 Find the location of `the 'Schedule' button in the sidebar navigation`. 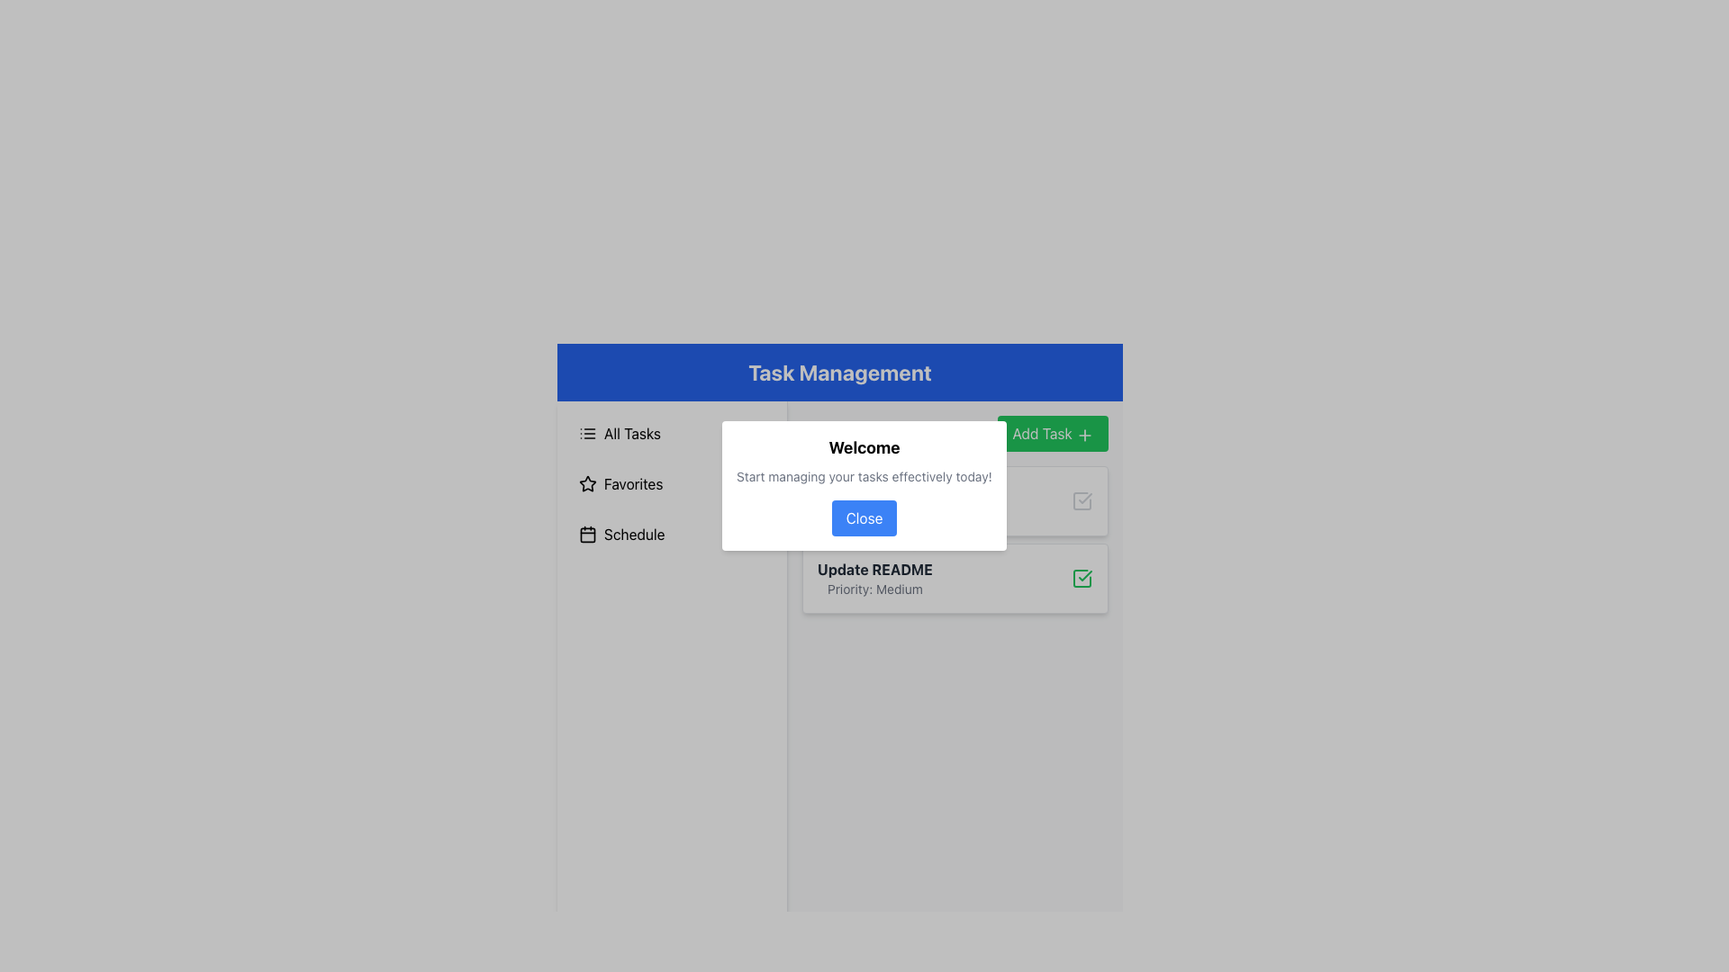

the 'Schedule' button in the sidebar navigation is located at coordinates (621, 534).